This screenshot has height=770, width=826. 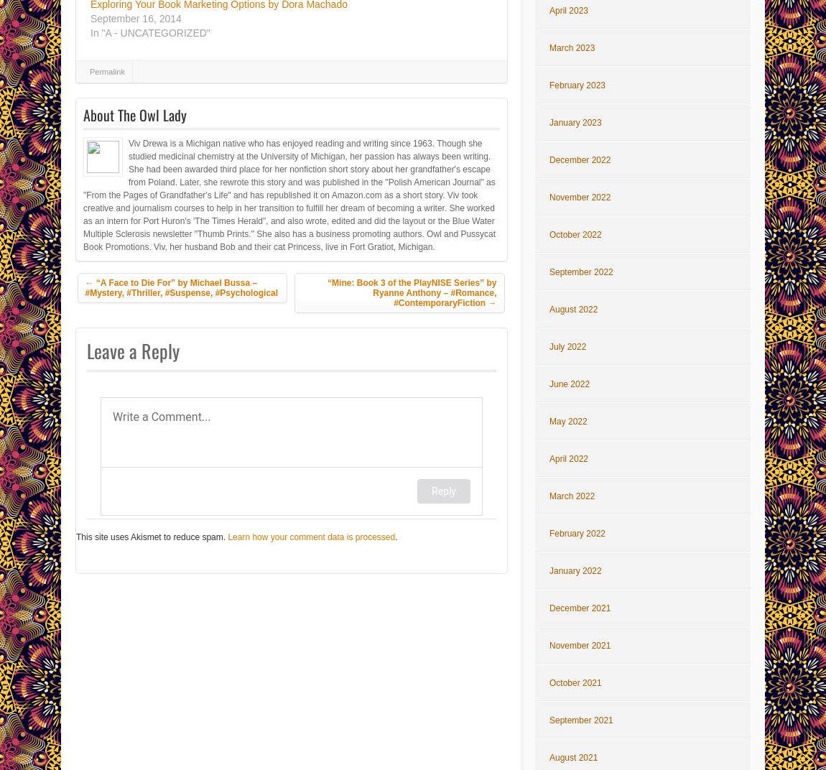 What do you see at coordinates (567, 421) in the screenshot?
I see `'May 2022'` at bounding box center [567, 421].